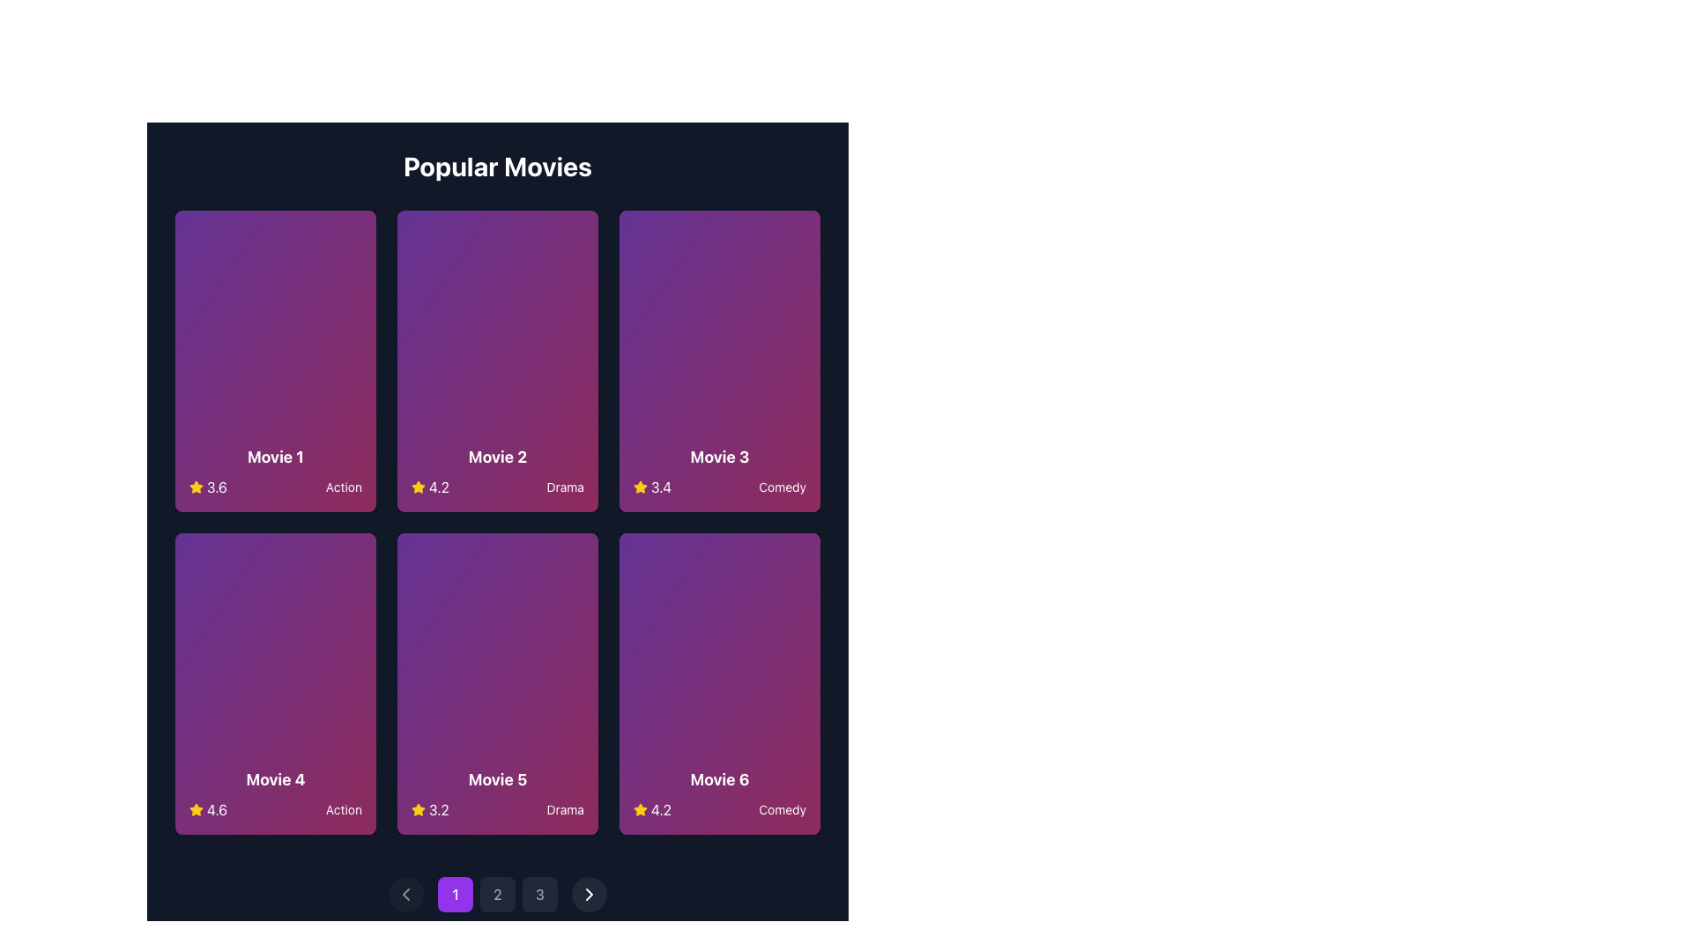 The height and width of the screenshot is (952, 1692). Describe the element at coordinates (456, 894) in the screenshot. I see `the small circular button with a purple background and white text displaying the number '1' located at the bottom center of the pagination control` at that location.